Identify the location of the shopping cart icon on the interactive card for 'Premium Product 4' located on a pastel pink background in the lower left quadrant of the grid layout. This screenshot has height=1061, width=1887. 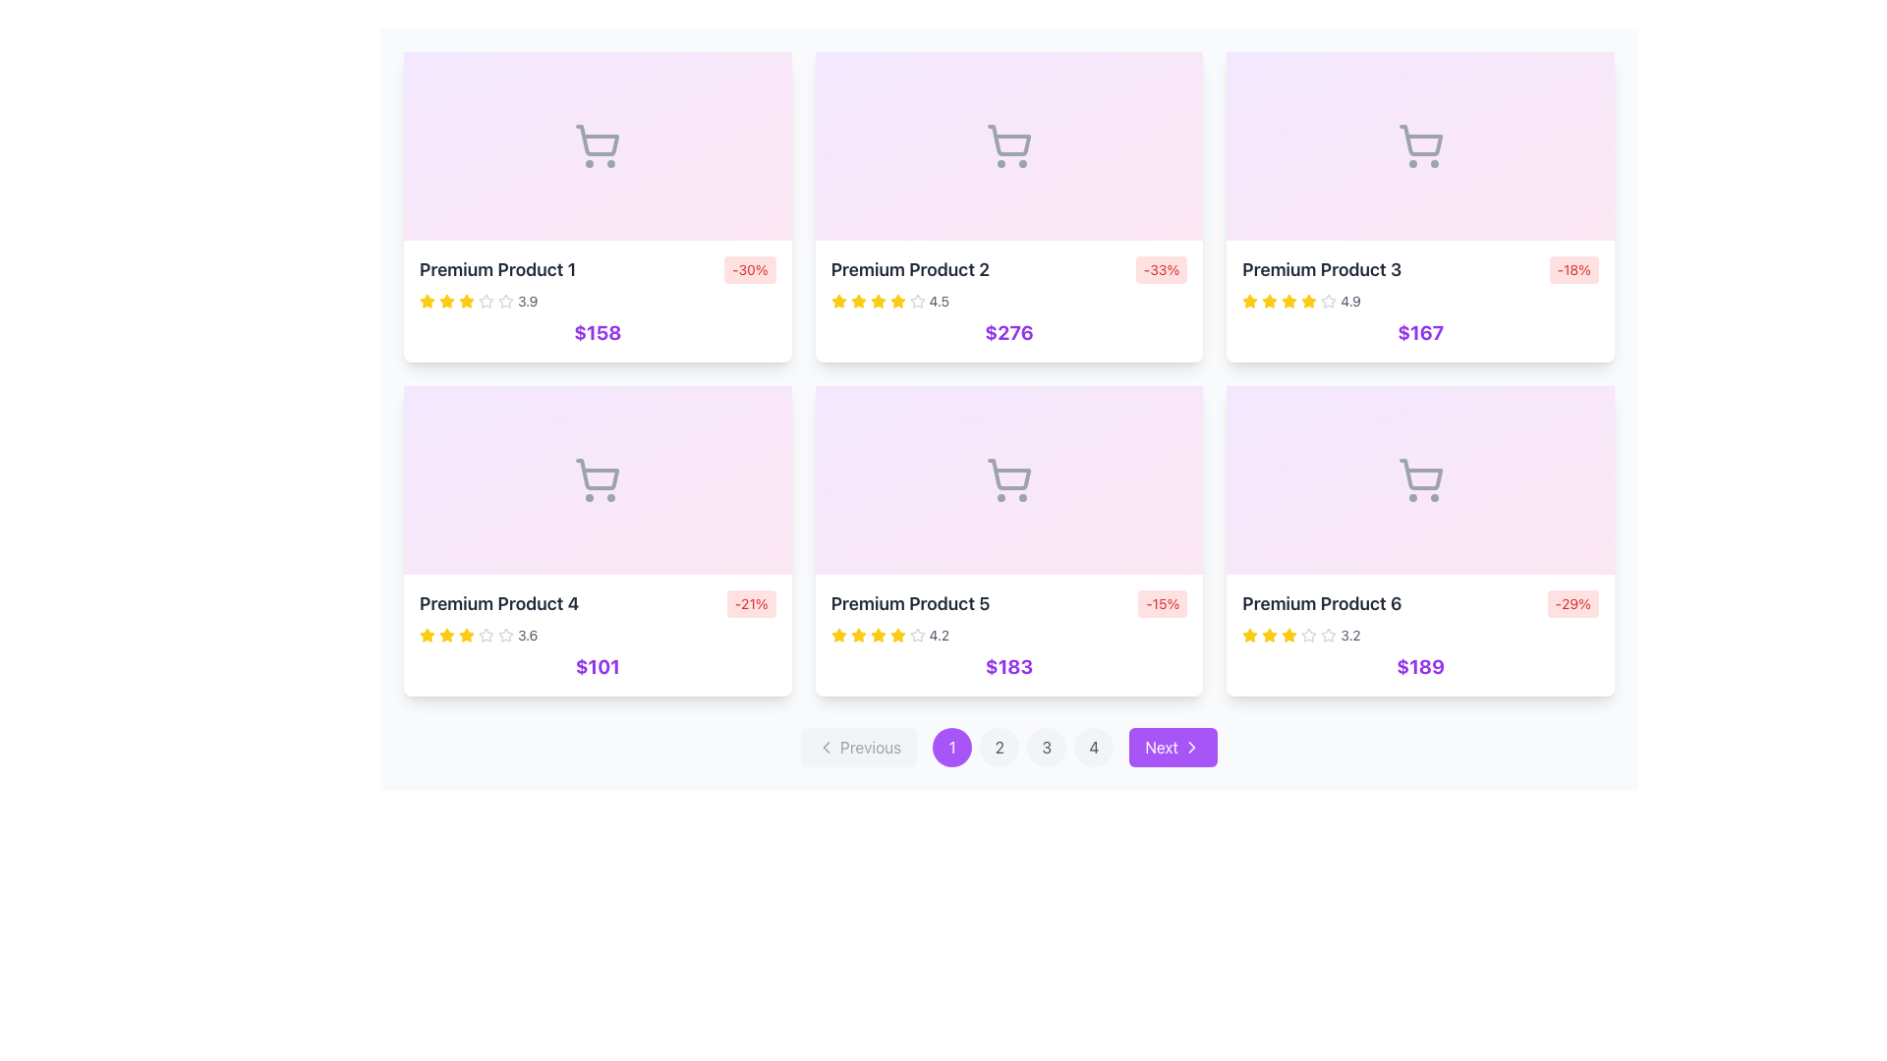
(597, 475).